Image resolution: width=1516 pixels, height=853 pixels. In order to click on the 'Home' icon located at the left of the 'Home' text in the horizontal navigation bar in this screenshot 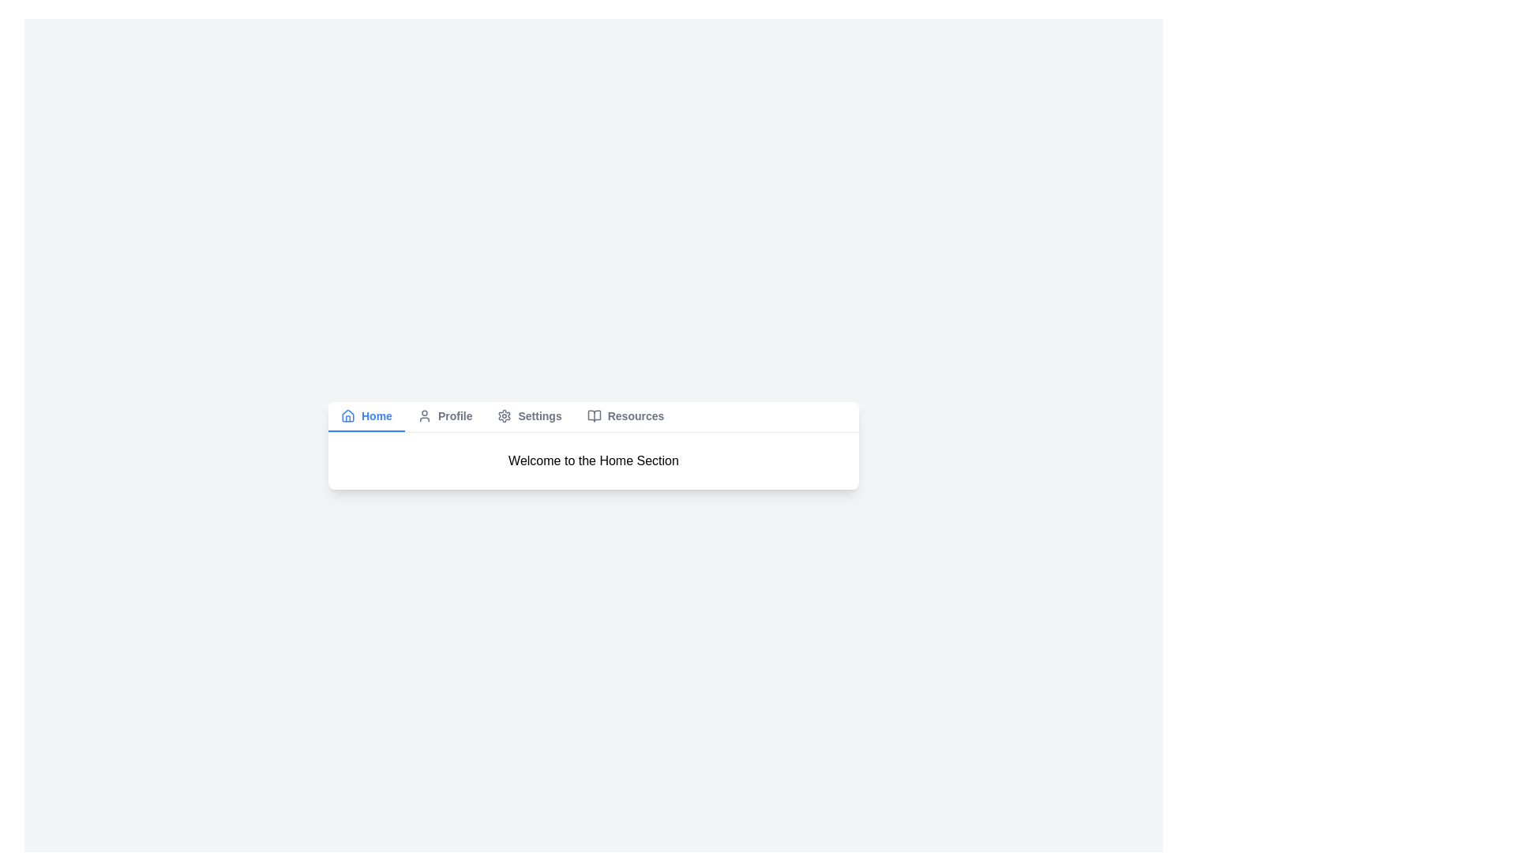, I will do `click(347, 415)`.